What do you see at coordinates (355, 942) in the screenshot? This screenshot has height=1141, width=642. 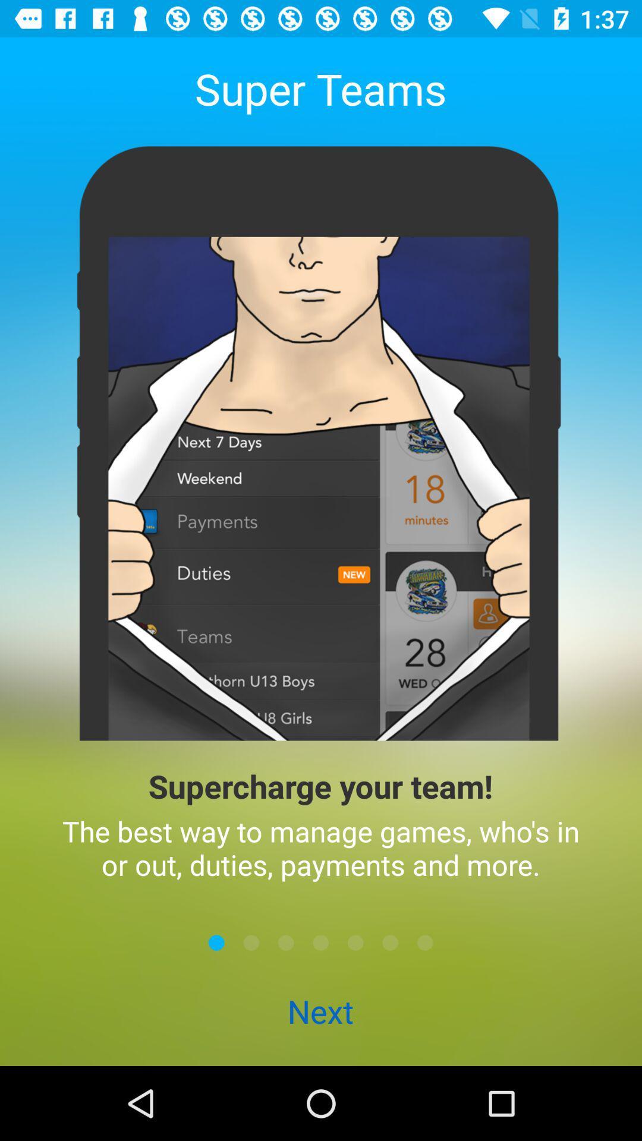 I see `next button` at bounding box center [355, 942].